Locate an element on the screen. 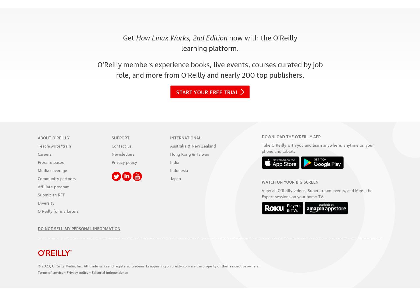  'O’Reilly members experience books, live events, courses curated by job role, and more from O’Reilly and' is located at coordinates (97, 69).